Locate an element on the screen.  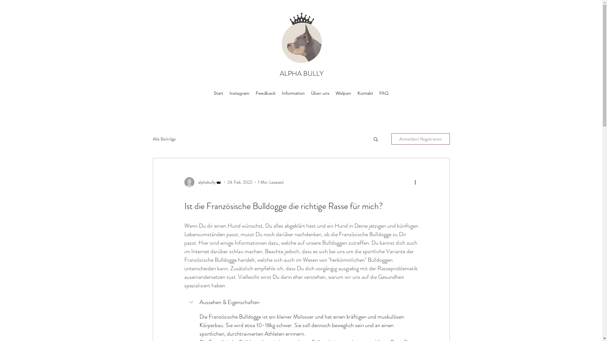
'Anmelden/ Registrieren' is located at coordinates (420, 138).